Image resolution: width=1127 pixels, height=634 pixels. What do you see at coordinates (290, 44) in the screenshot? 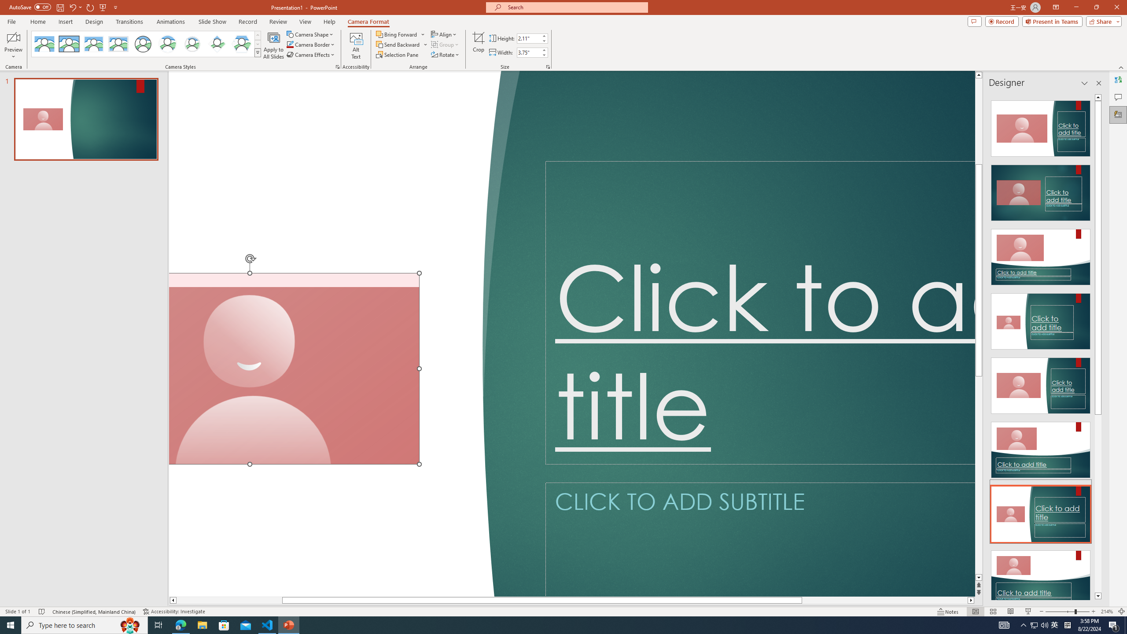
I see `'Camera Border Blue, Accent 1'` at bounding box center [290, 44].